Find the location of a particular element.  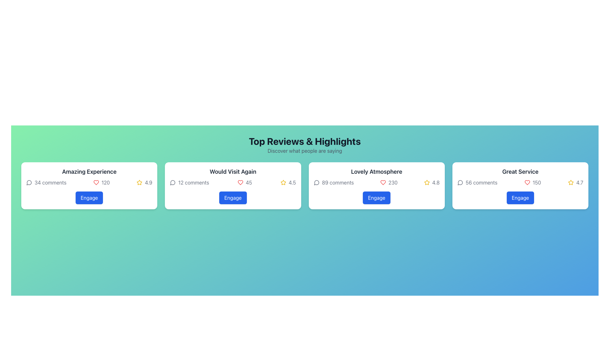

the star icon representing a rating indicator located in the second card from the left, immediately followed by the rating text '4.5' is located at coordinates (283, 182).